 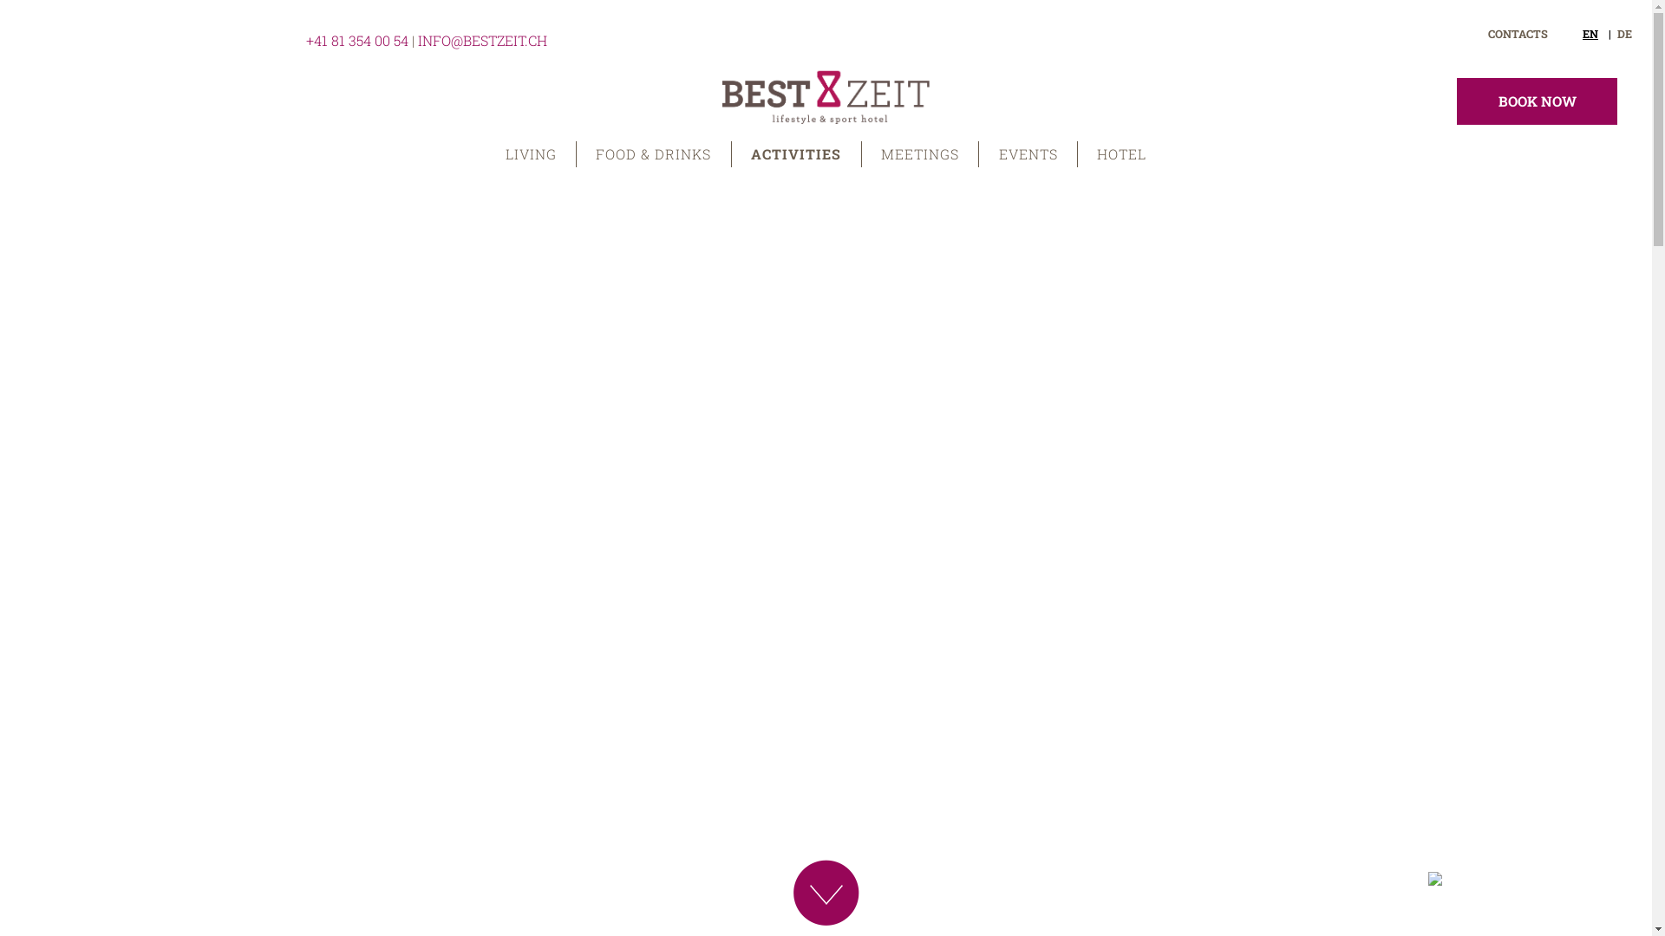 What do you see at coordinates (1028, 153) in the screenshot?
I see `'EVENTS'` at bounding box center [1028, 153].